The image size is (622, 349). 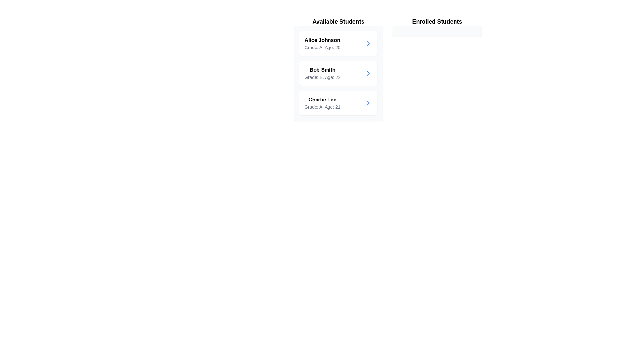 What do you see at coordinates (368, 44) in the screenshot?
I see `transfer button for the student Alice Johnson to move them to the enrolled list` at bounding box center [368, 44].